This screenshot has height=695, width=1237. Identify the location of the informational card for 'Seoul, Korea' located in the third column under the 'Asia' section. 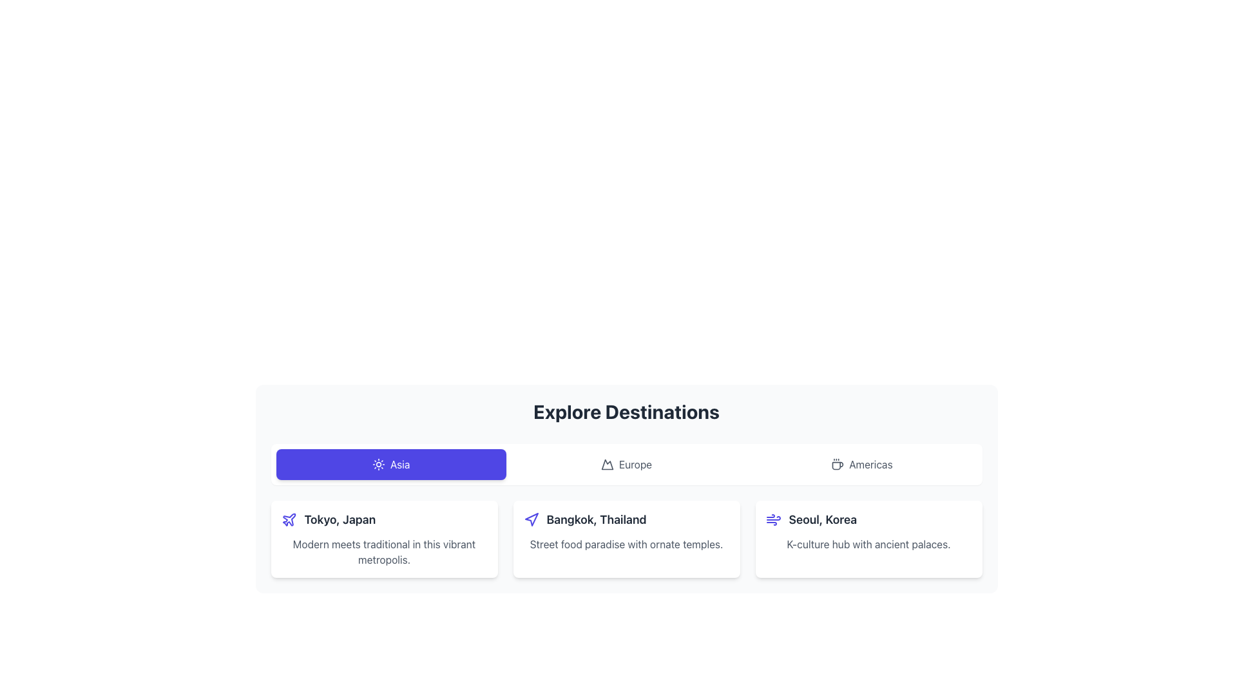
(868, 539).